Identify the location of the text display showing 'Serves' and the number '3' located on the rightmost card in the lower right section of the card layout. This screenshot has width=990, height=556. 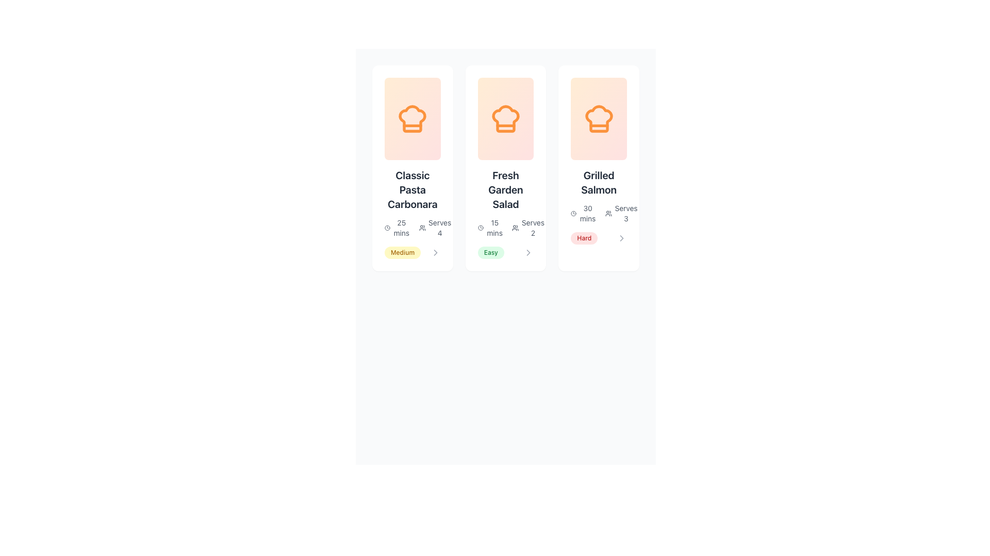
(625, 213).